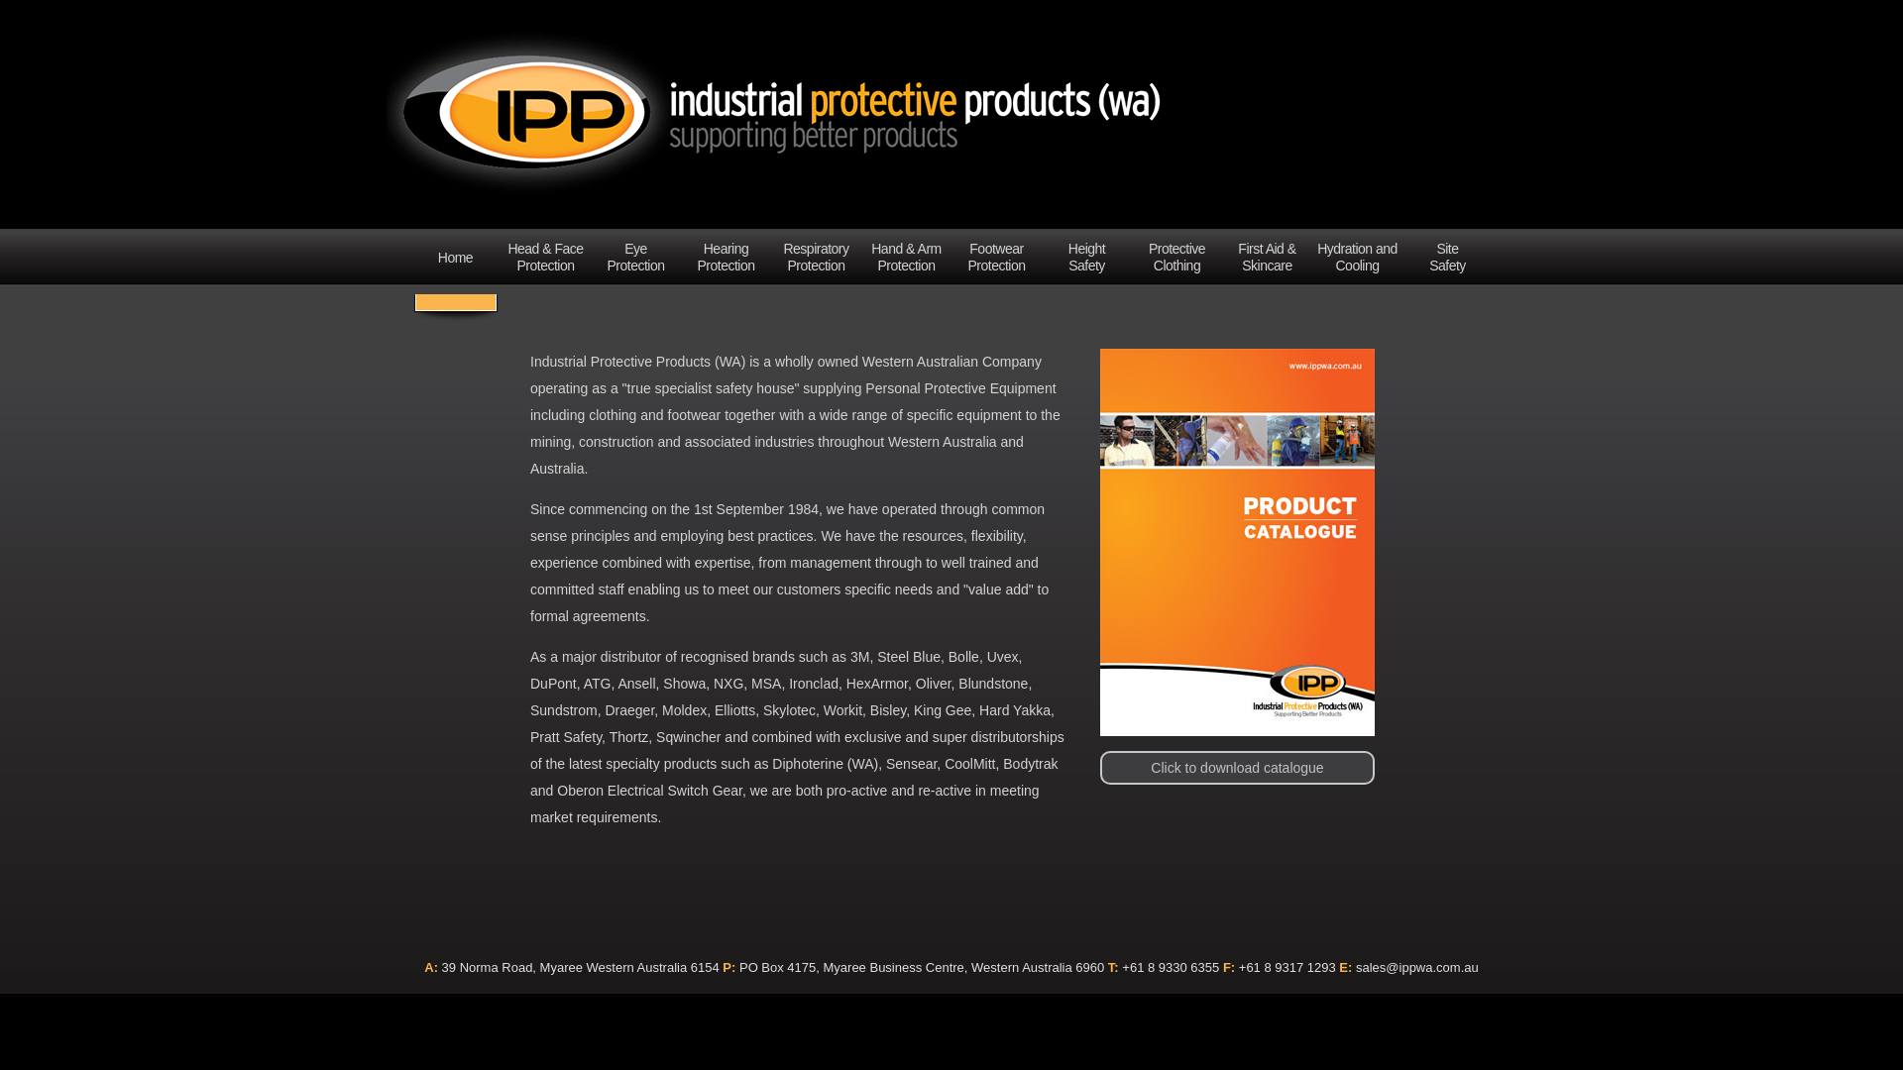  What do you see at coordinates (635, 256) in the screenshot?
I see `'Eye` at bounding box center [635, 256].